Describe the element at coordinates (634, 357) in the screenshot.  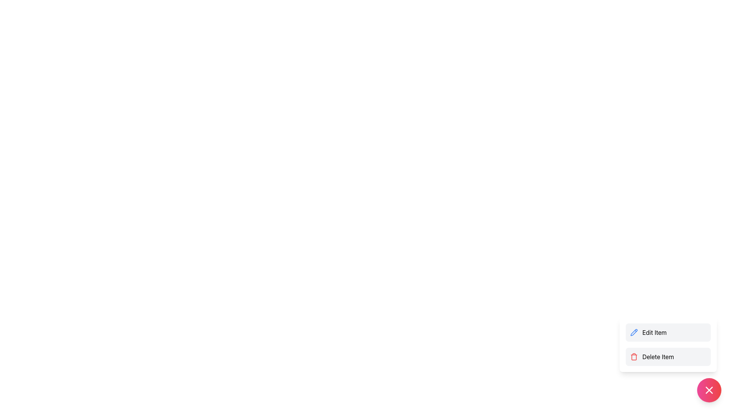
I see `the trash can icon with red outlines located next to the text 'Delete Item' on a white background` at that location.